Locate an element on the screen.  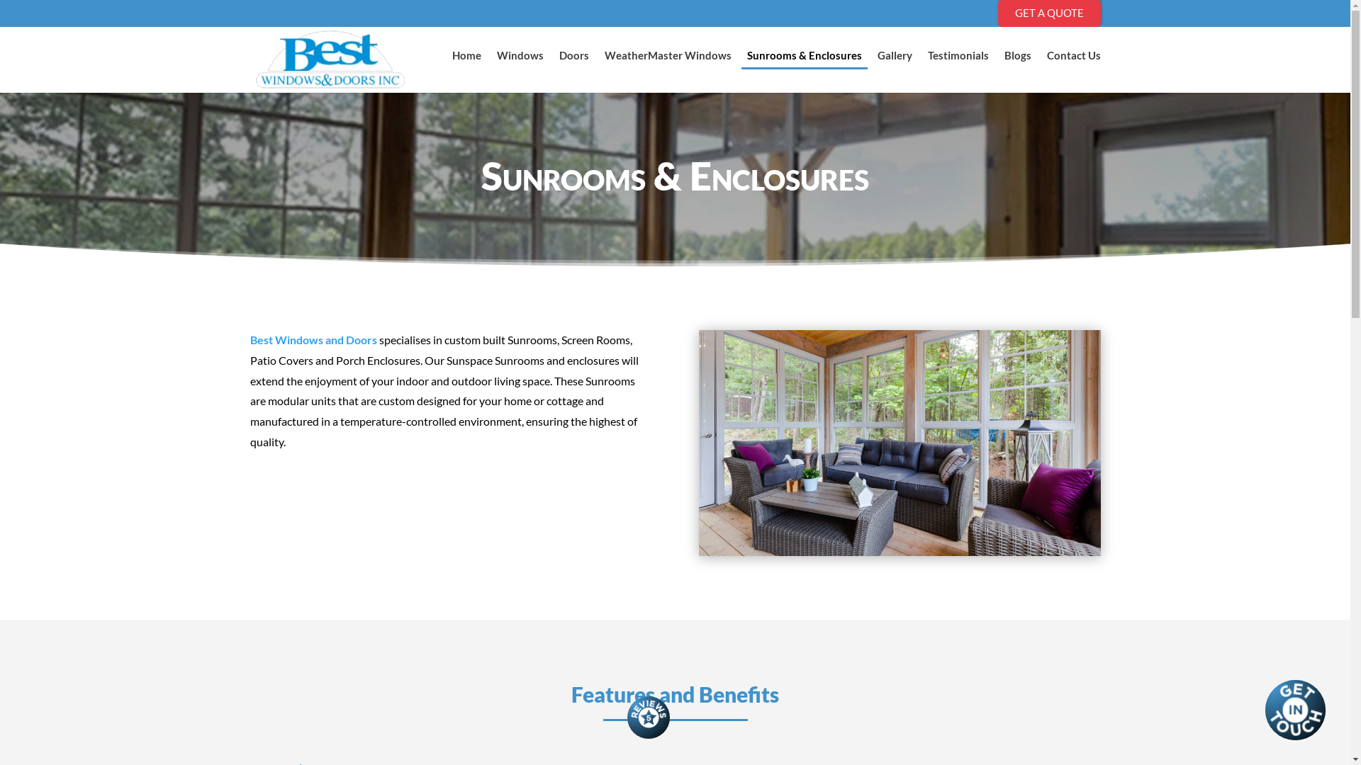
'Windows and Doors Winnipeg' is located at coordinates (899, 442).